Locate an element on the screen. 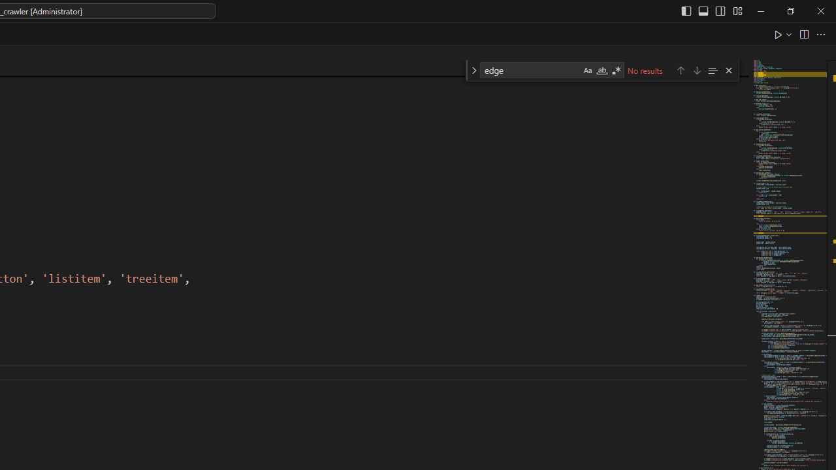 The width and height of the screenshot is (836, 470). 'Editor actions' is located at coordinates (800, 33).